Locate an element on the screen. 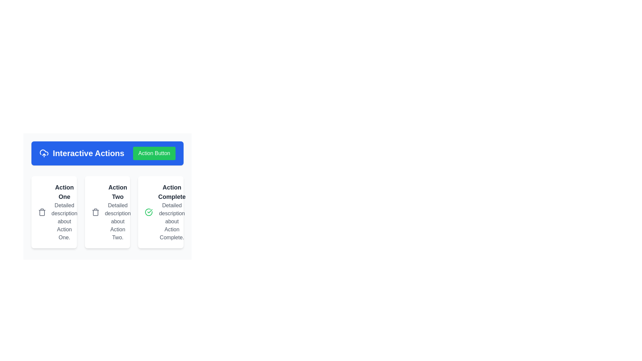 The width and height of the screenshot is (642, 361). the descriptive text located below the heading 'Action One' in the first card of the horizontally aligned set of three cards is located at coordinates (64, 222).